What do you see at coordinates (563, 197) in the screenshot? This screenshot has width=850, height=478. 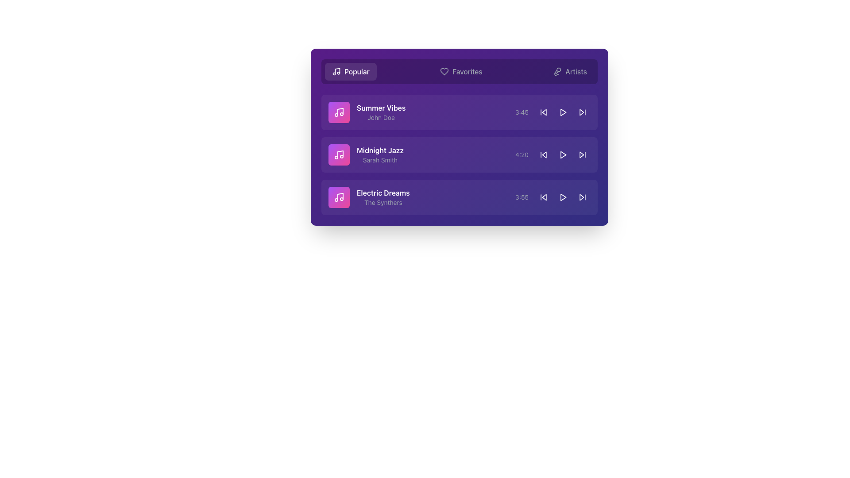 I see `the play button for the 'Electric Dreams' audio track, which is the second button in a horizontal set of three buttons aligned towards the right end of the row` at bounding box center [563, 197].